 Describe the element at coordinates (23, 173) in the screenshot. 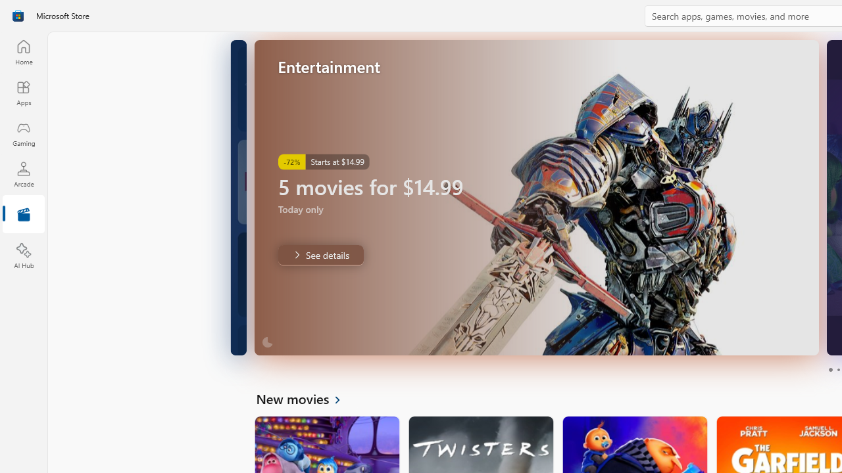

I see `'Arcade'` at that location.